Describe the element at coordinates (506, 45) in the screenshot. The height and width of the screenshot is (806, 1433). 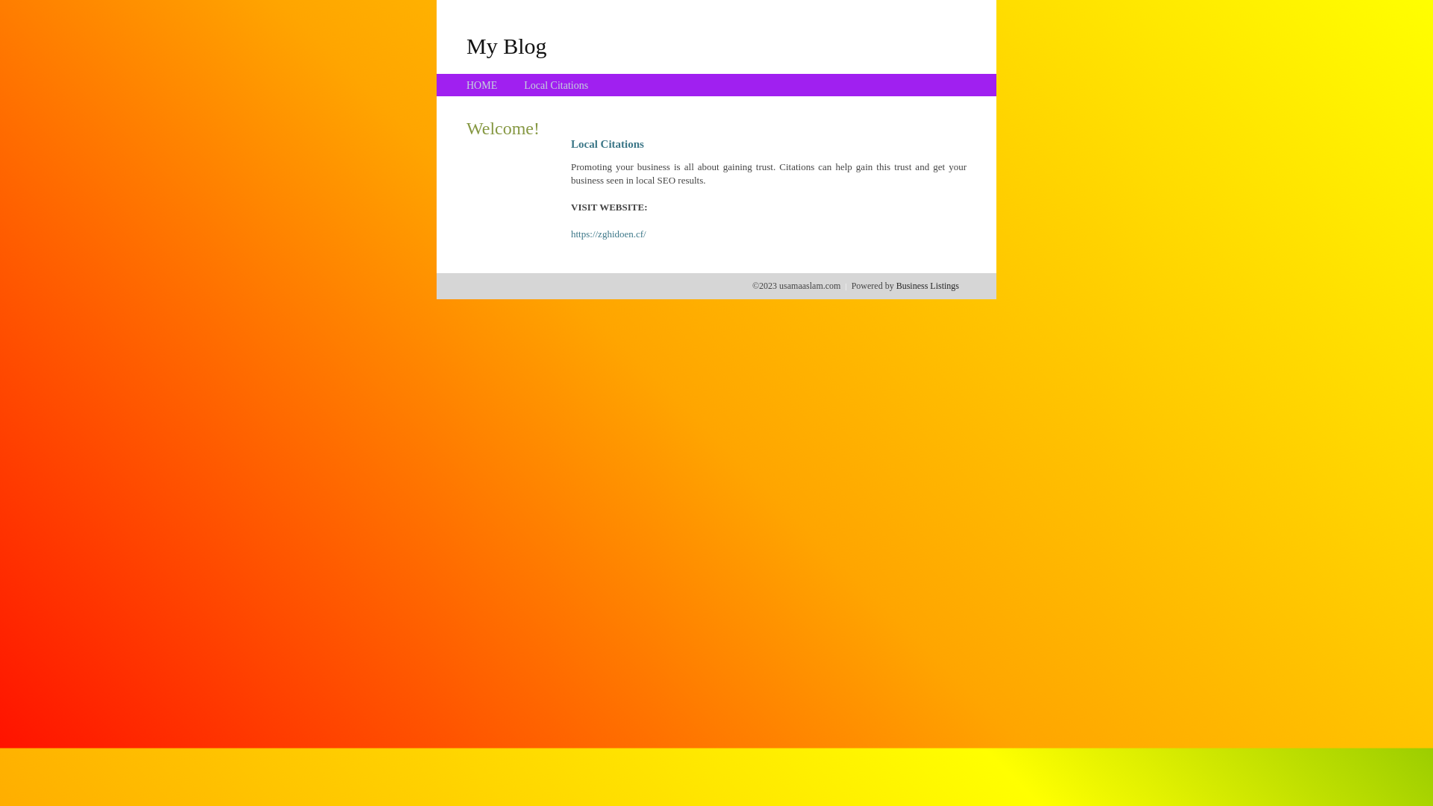
I see `'My Blog'` at that location.